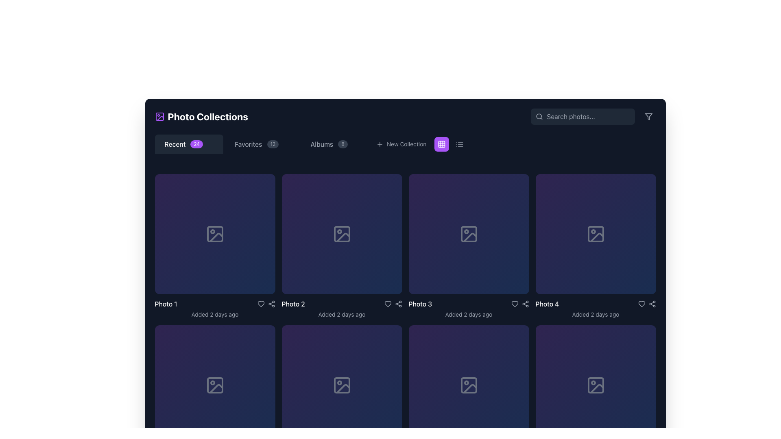  I want to click on the icon that serves as a placeholder for 'Photo 1' in the 'Photo Collections' grid layout, located at the center of the top-left purple card, so click(215, 234).